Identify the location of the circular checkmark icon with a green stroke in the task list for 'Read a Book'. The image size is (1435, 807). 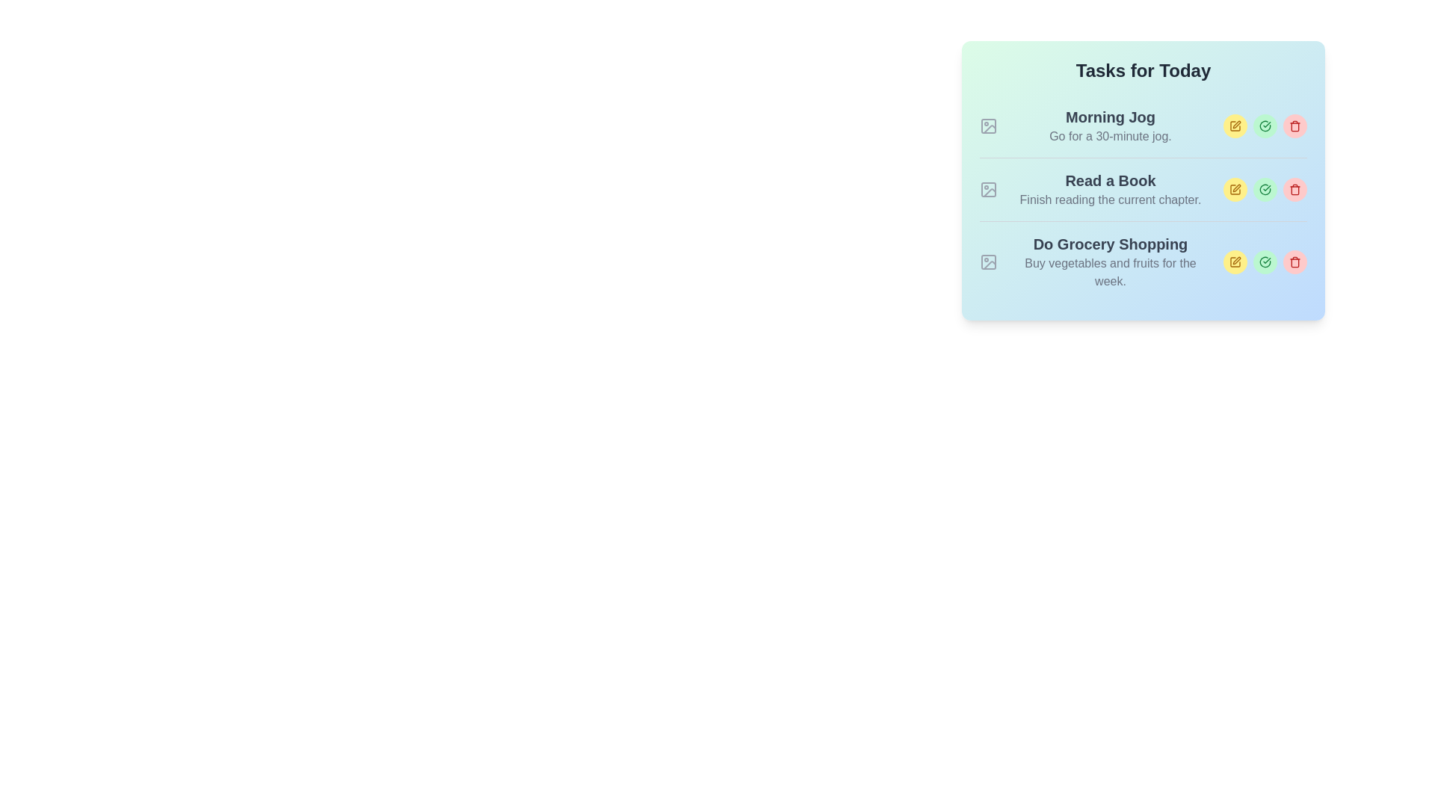
(1265, 189).